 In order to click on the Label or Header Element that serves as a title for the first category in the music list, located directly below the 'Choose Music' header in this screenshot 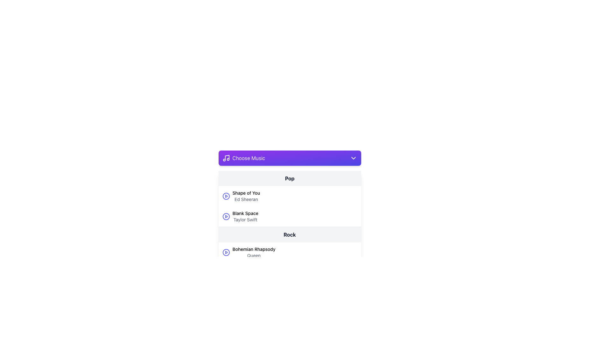, I will do `click(289, 178)`.